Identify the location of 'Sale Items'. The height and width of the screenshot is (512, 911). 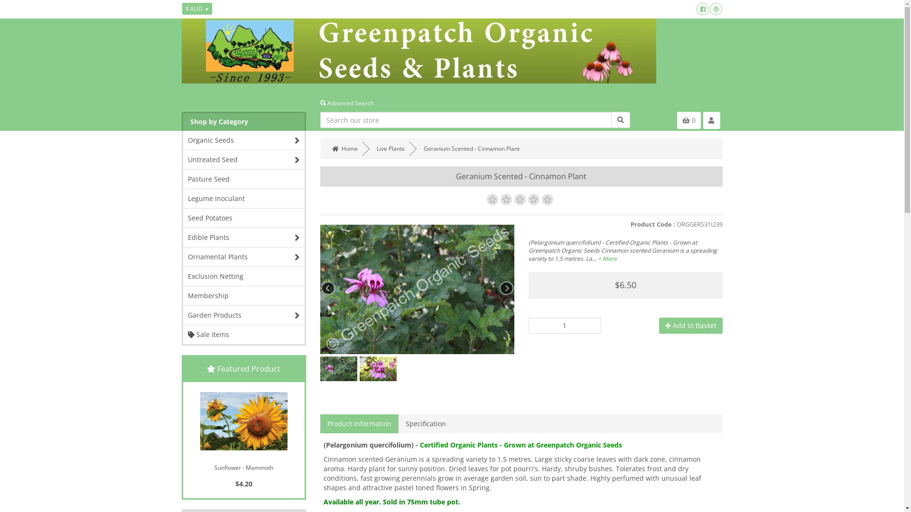
(244, 334).